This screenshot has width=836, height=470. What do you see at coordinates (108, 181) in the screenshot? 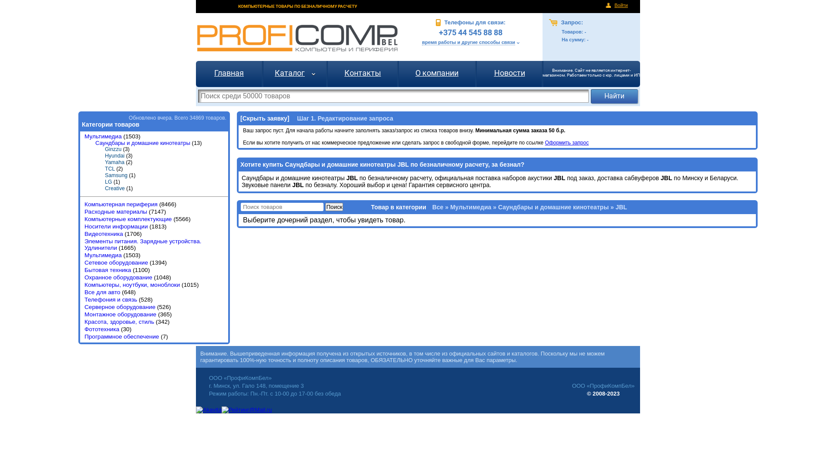
I see `'LG'` at bounding box center [108, 181].